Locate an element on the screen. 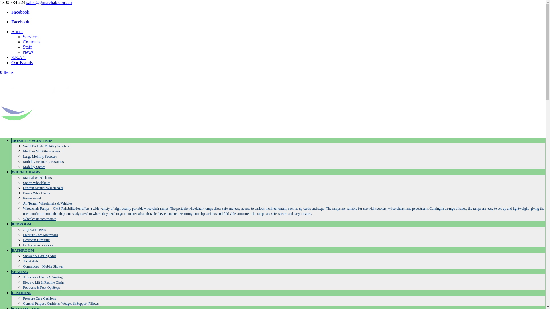 The height and width of the screenshot is (309, 550). 'BEDROOM' is located at coordinates (21, 224).